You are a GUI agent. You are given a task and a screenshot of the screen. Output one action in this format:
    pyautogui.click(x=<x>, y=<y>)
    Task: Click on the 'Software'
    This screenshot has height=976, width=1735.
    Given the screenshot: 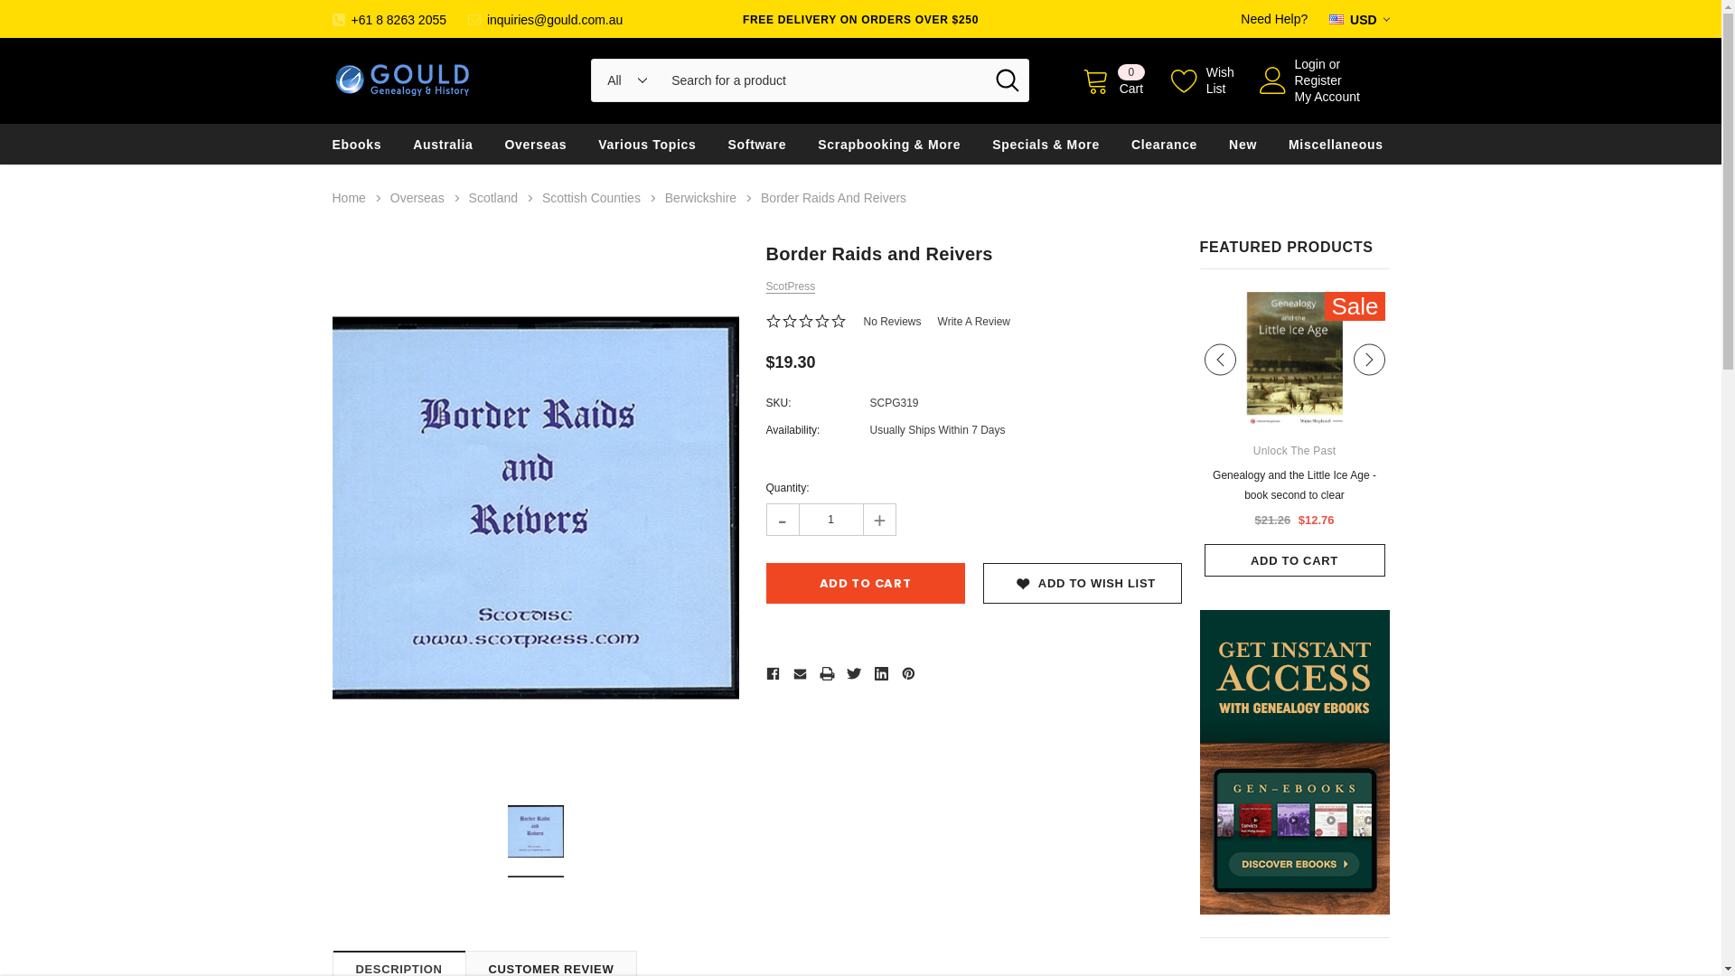 What is the action you would take?
    pyautogui.click(x=757, y=143)
    